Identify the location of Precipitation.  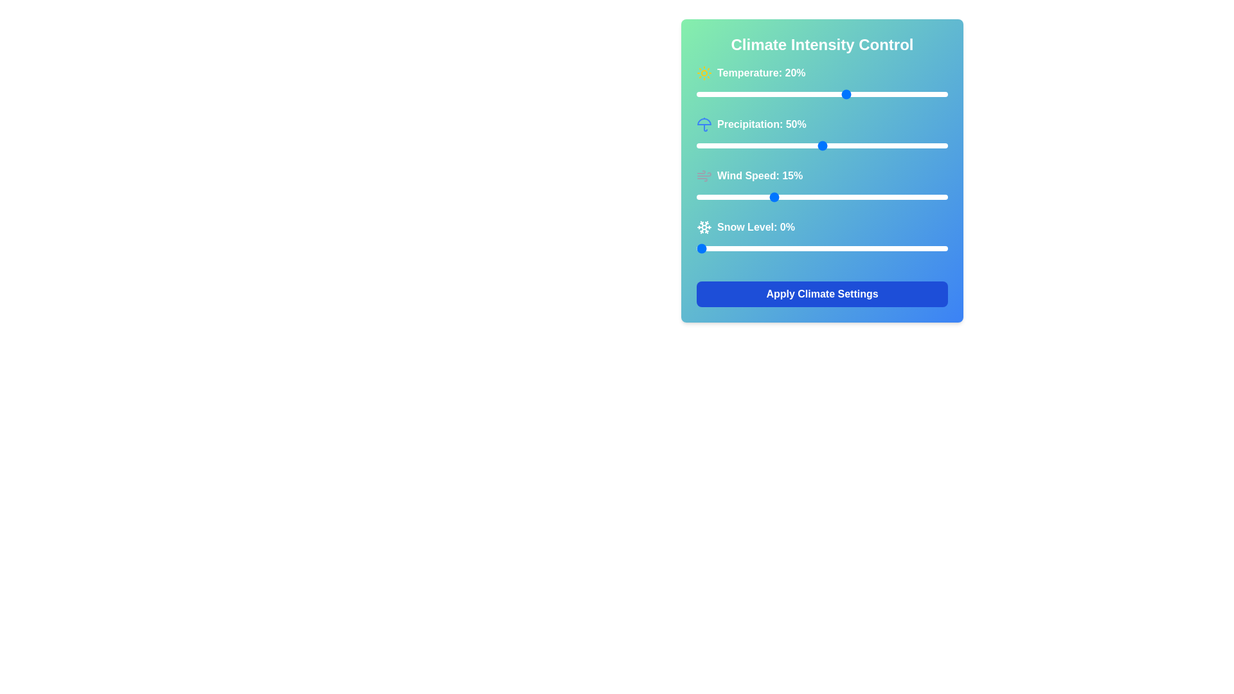
(703, 145).